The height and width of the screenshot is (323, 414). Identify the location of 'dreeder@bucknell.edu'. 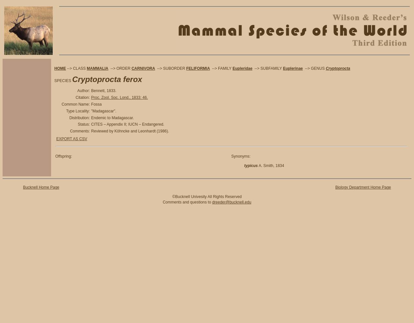
(231, 202).